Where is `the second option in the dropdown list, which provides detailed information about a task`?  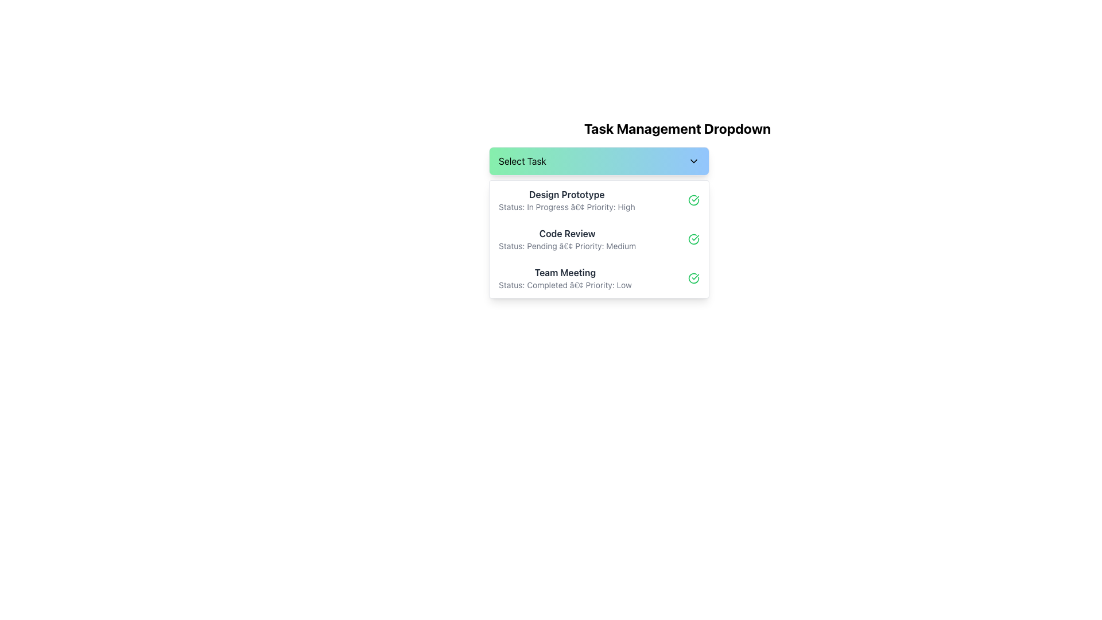 the second option in the dropdown list, which provides detailed information about a task is located at coordinates (598, 238).